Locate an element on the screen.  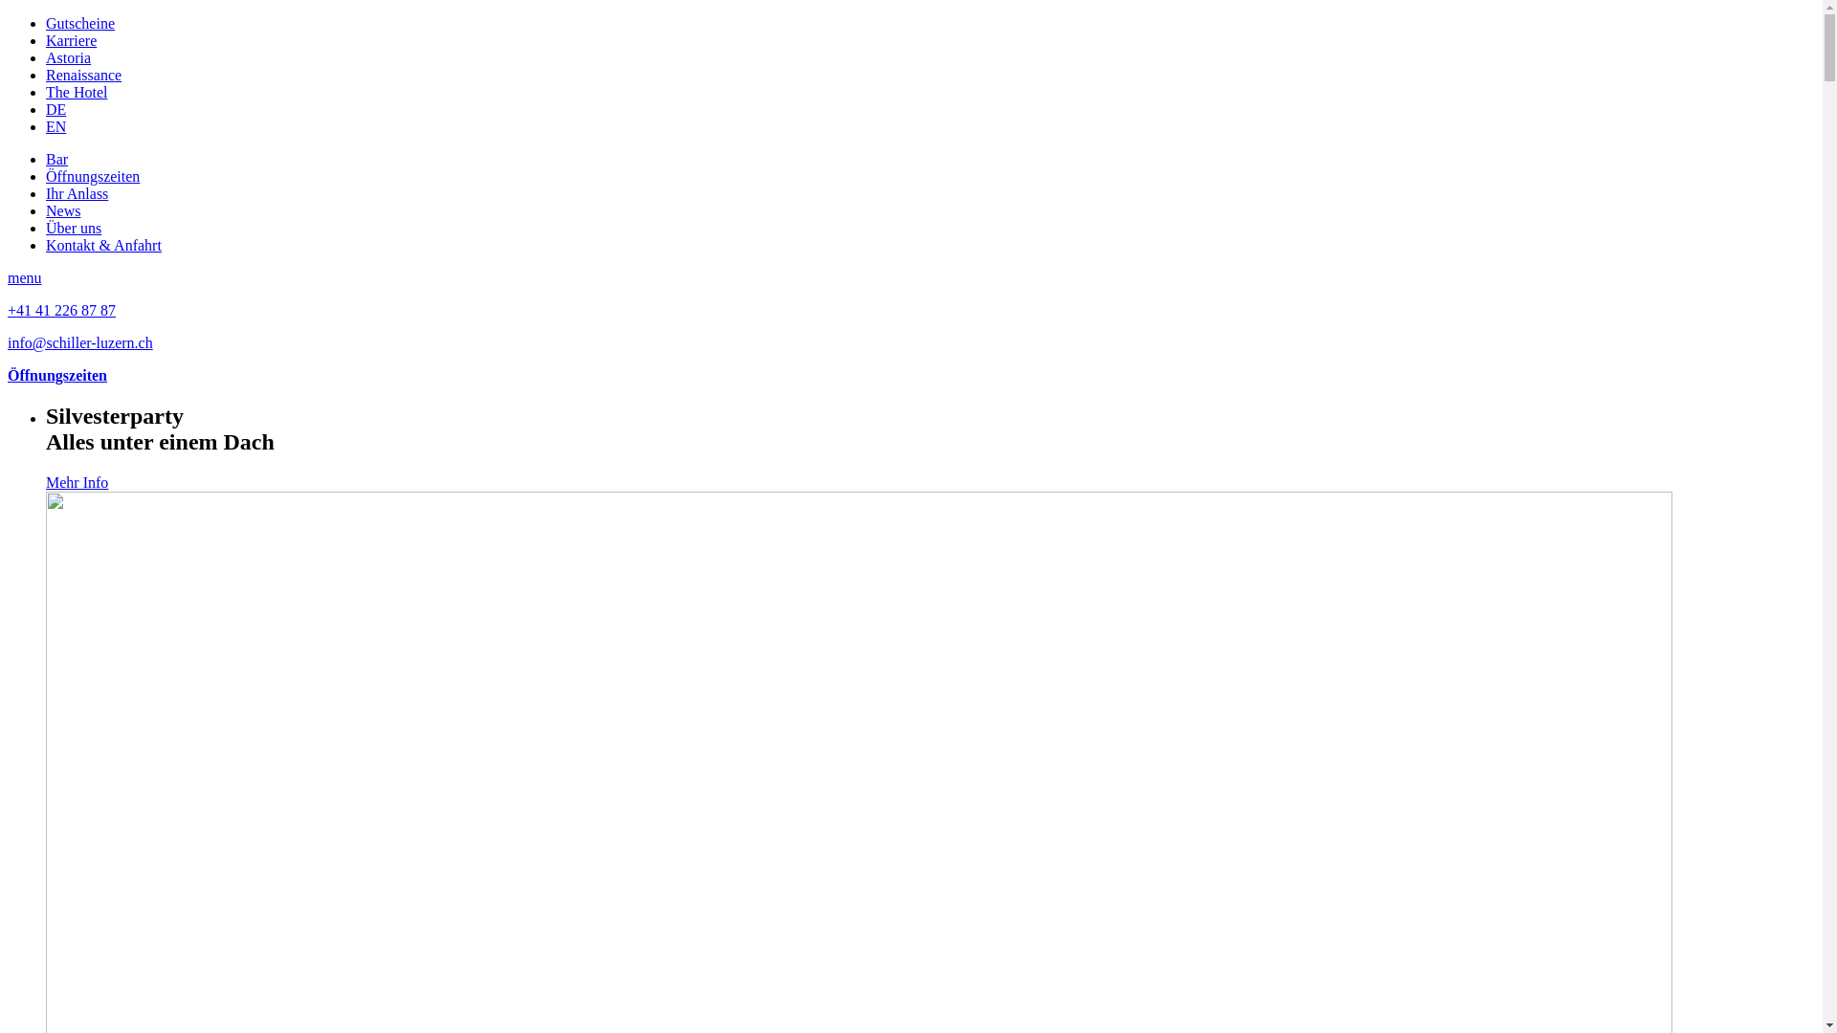
'Gutscheine' is located at coordinates (46, 23).